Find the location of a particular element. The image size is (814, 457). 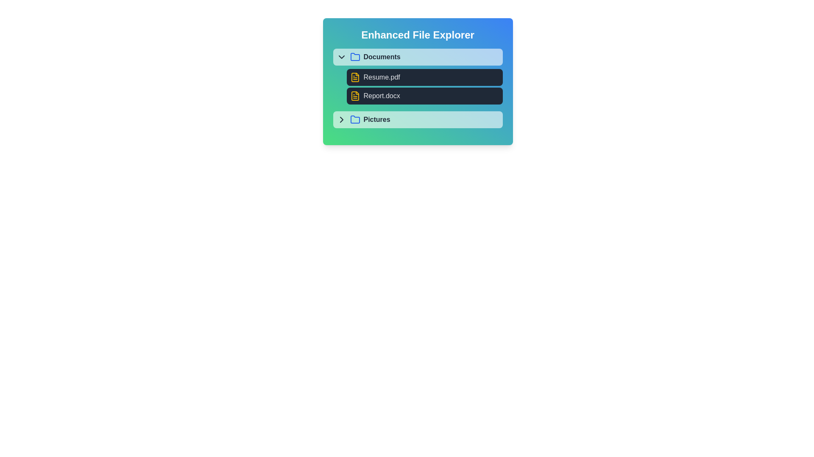

the file Report.docx to open it is located at coordinates (424, 96).